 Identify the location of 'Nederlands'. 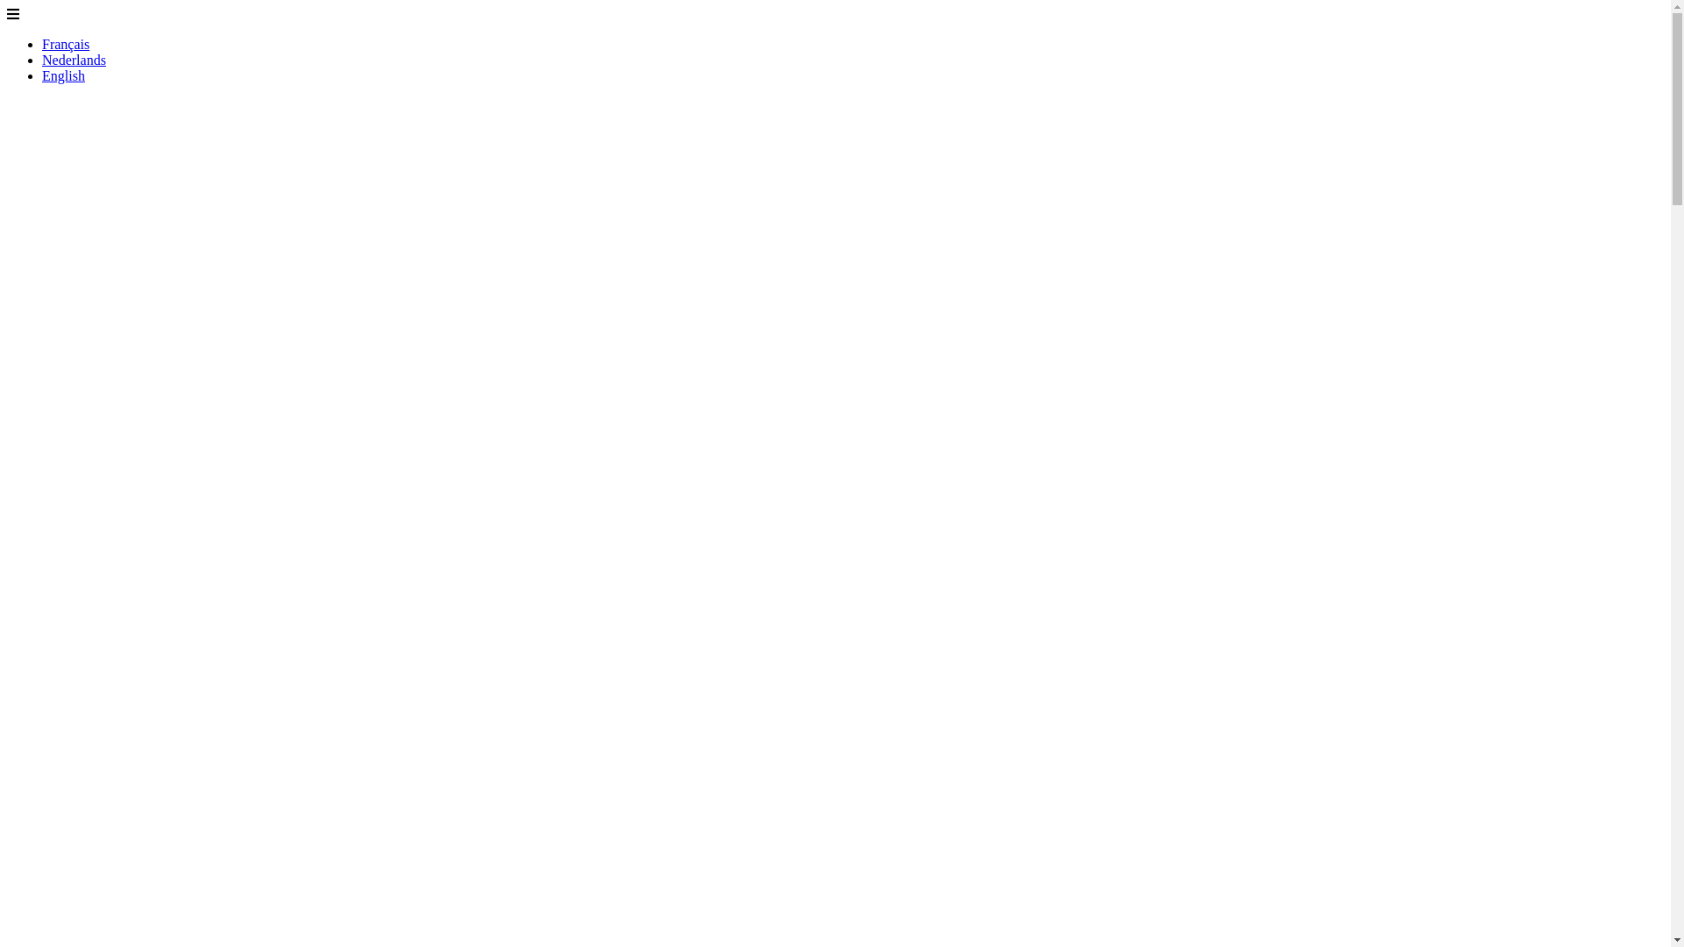
(42, 59).